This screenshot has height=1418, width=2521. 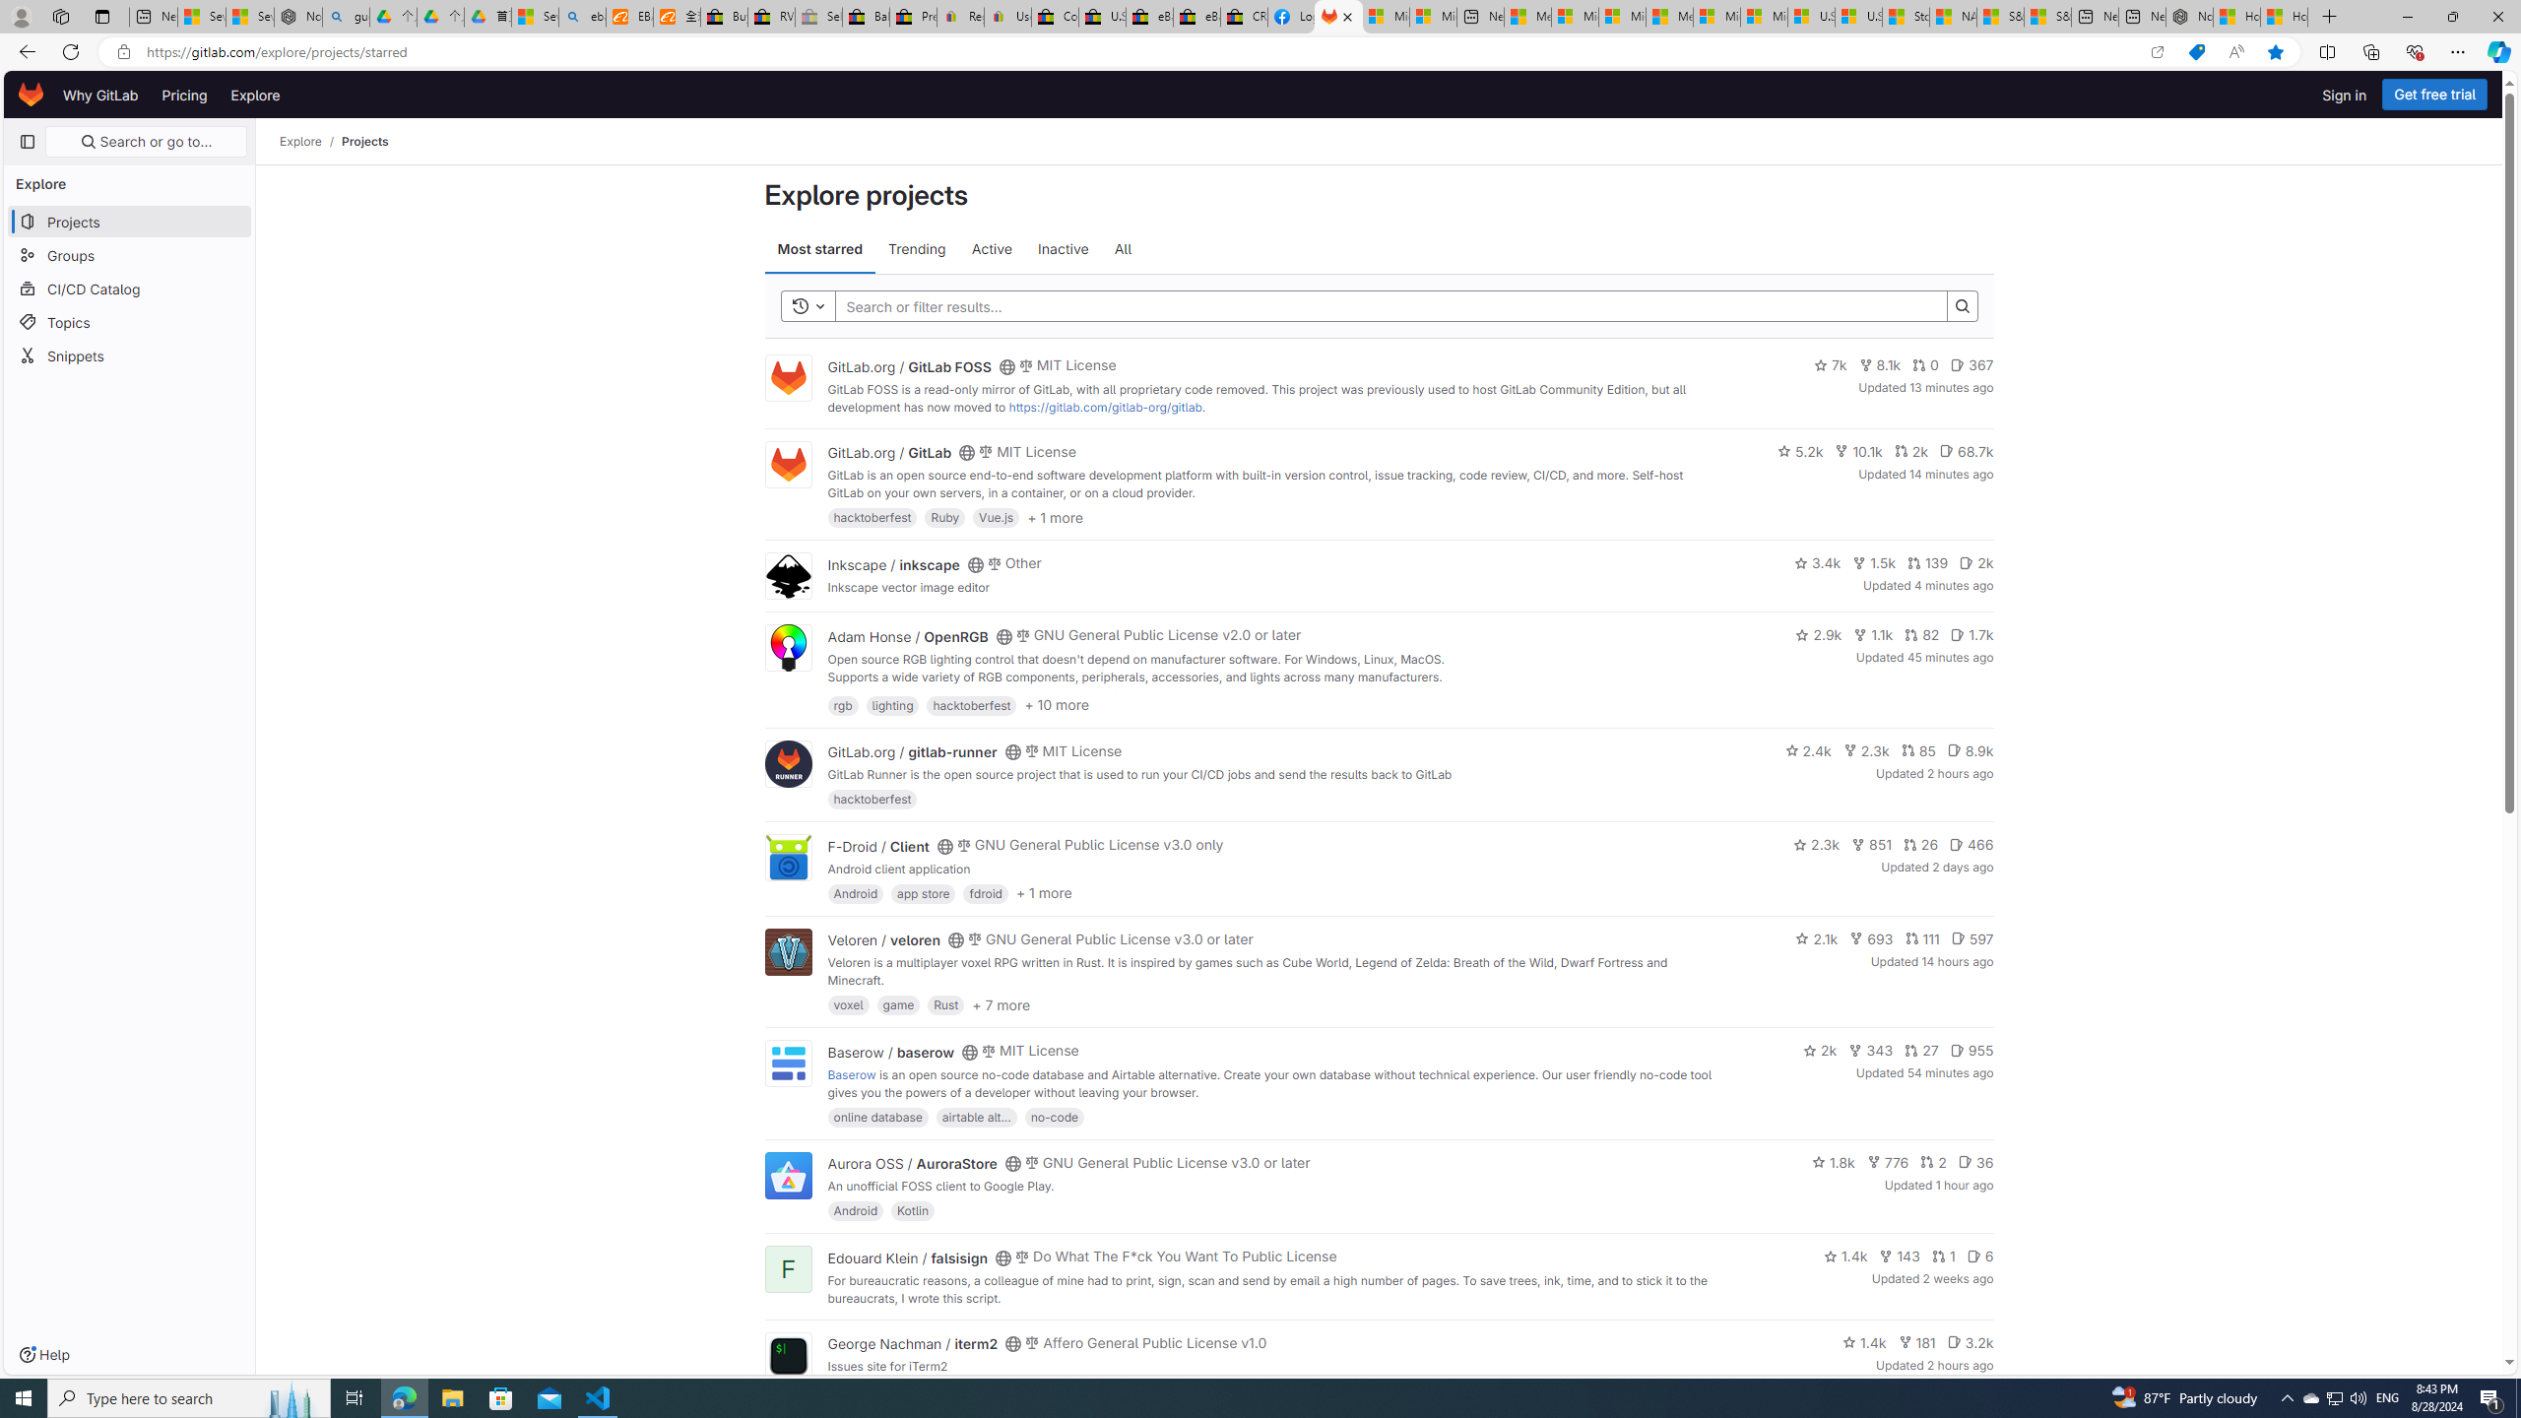 What do you see at coordinates (310, 141) in the screenshot?
I see `'Explore/'` at bounding box center [310, 141].